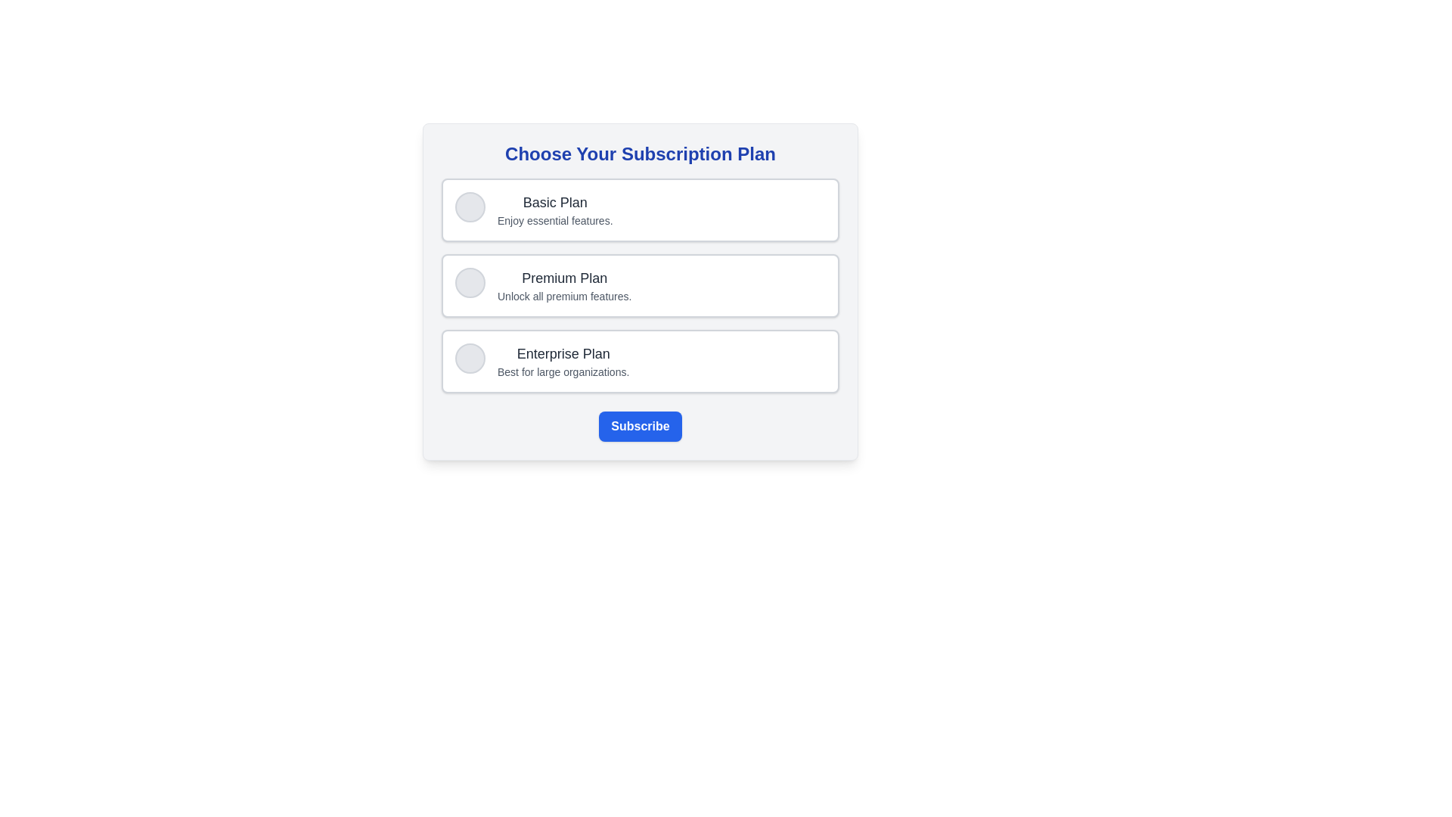 The height and width of the screenshot is (817, 1452). Describe the element at coordinates (554, 210) in the screenshot. I see `text of the label element containing the title 'Basic Plan' and subtitle 'Enjoy essential features.' located beneath the section header 'Choose Your Subscription Plan'` at that location.